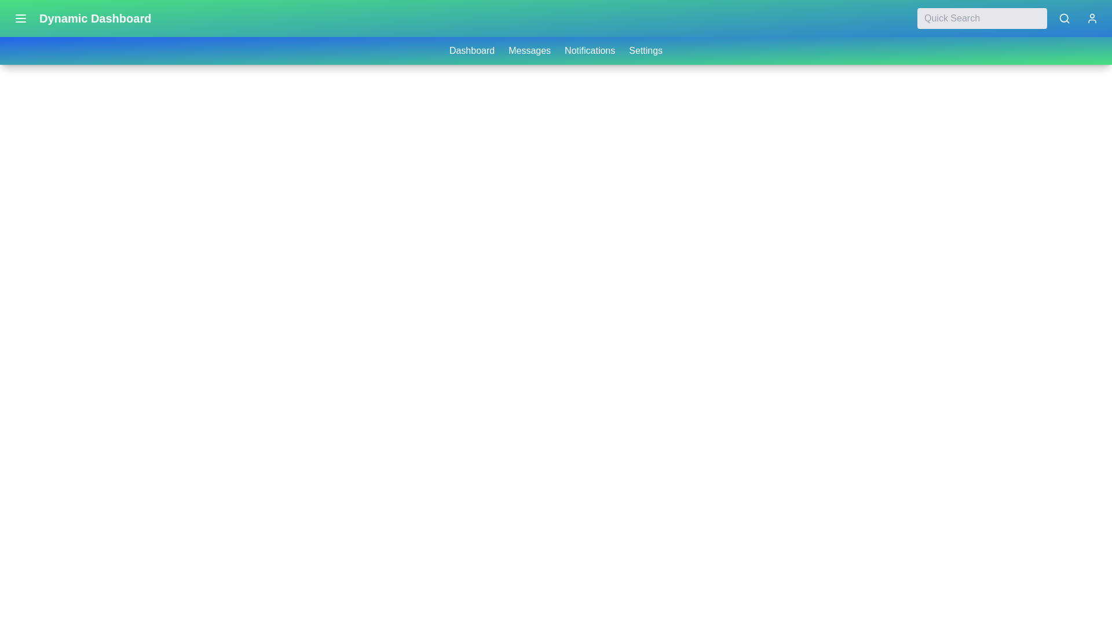 This screenshot has width=1112, height=625. What do you see at coordinates (1065, 18) in the screenshot?
I see `the search button located to the right of the 'Quick Search' text input field in the top navigation bar` at bounding box center [1065, 18].